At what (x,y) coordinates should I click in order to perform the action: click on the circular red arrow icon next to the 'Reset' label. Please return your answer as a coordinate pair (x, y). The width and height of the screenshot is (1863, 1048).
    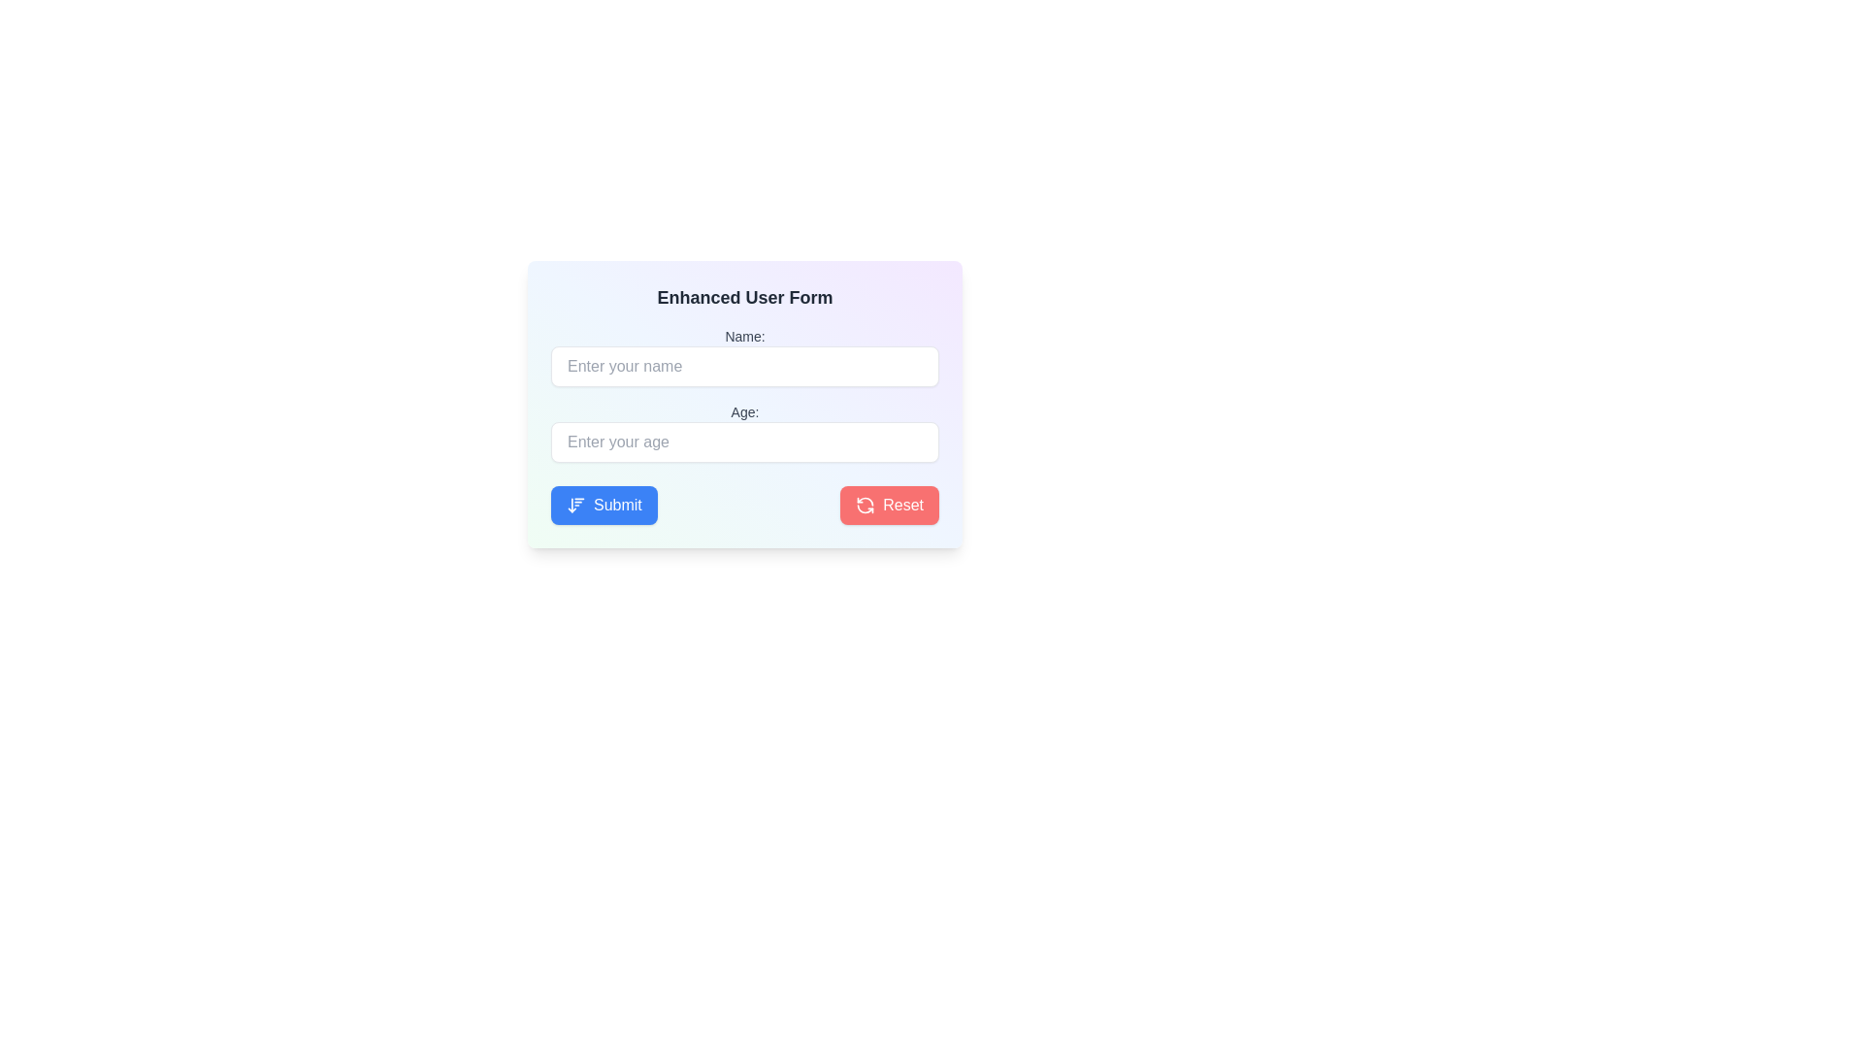
    Looking at the image, I should click on (865, 504).